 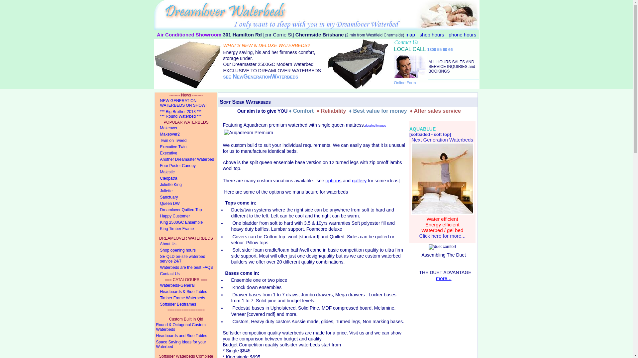 I want to click on 'Queen DW', so click(x=186, y=203).